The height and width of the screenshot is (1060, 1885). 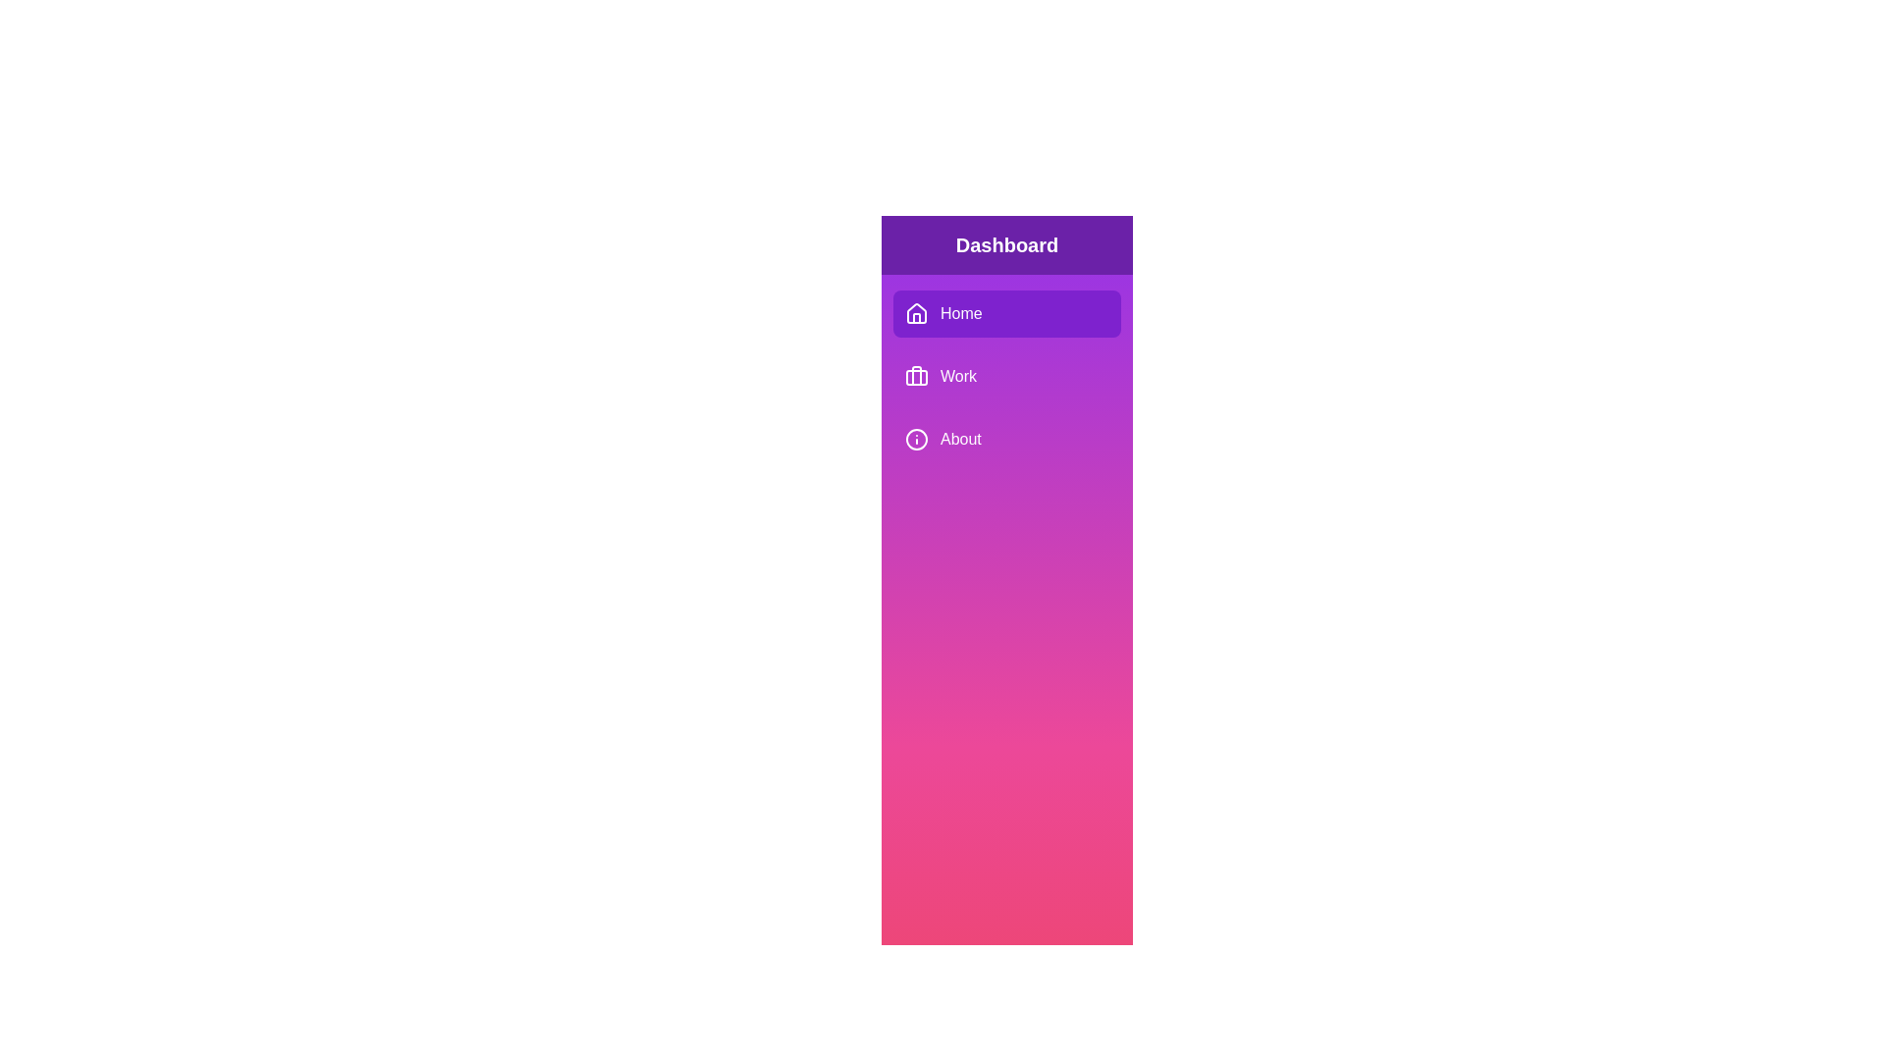 What do you see at coordinates (1007, 438) in the screenshot?
I see `the menu item About in the sidebar` at bounding box center [1007, 438].